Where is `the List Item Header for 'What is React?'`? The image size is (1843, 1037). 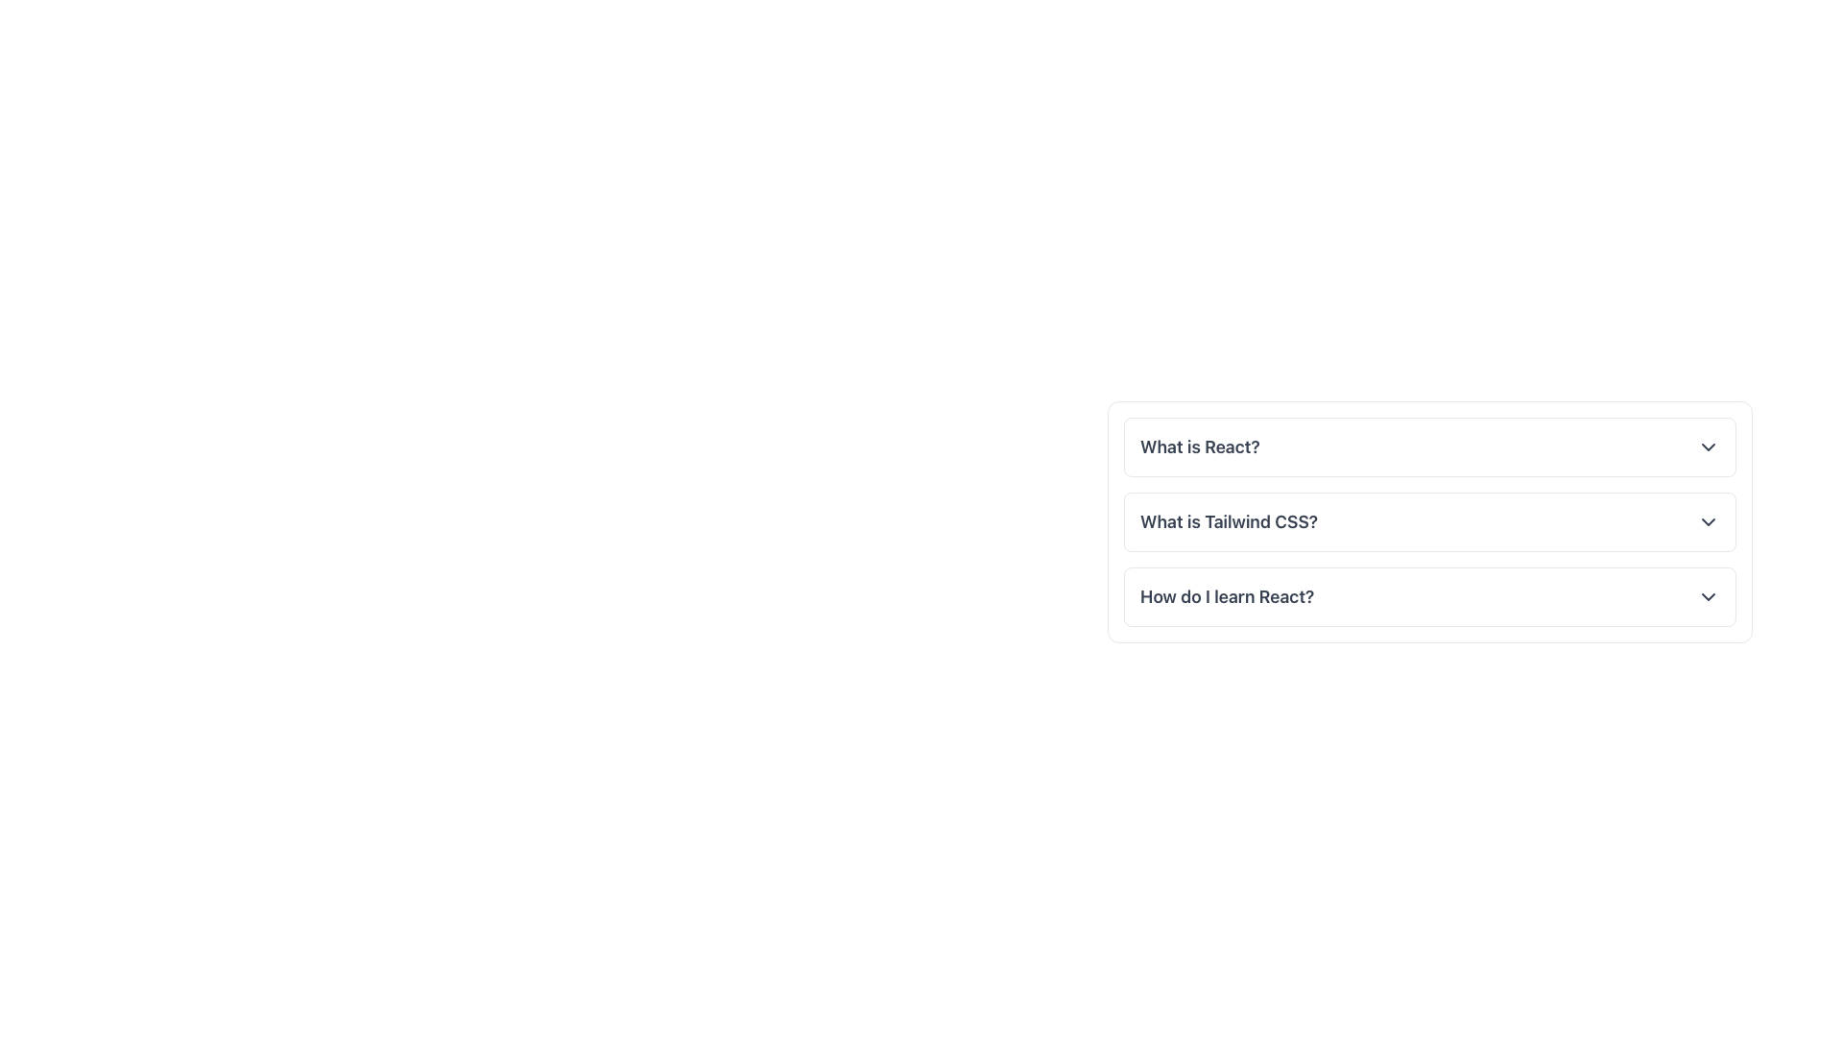
the List Item Header for 'What is React?' is located at coordinates (1429, 447).